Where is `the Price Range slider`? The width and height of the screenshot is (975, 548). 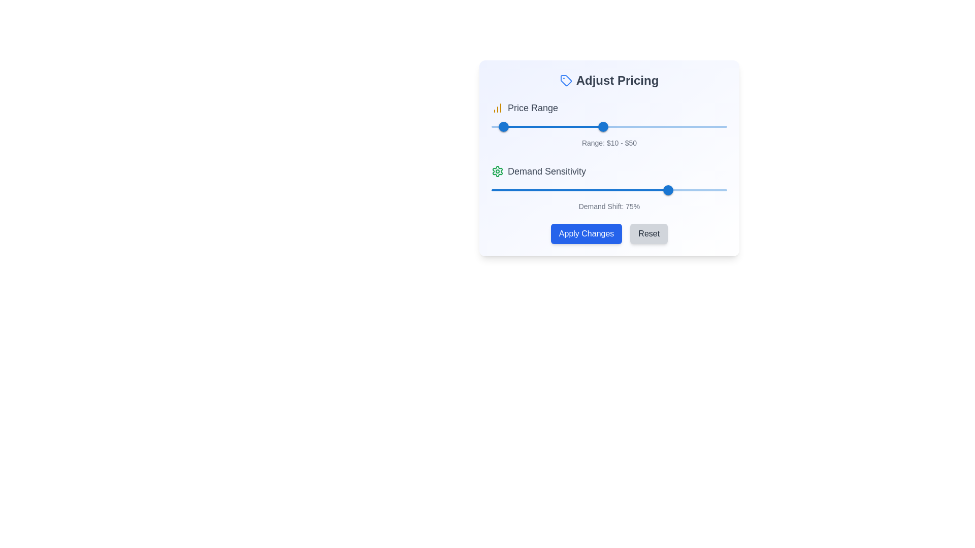 the Price Range slider is located at coordinates (509, 126).